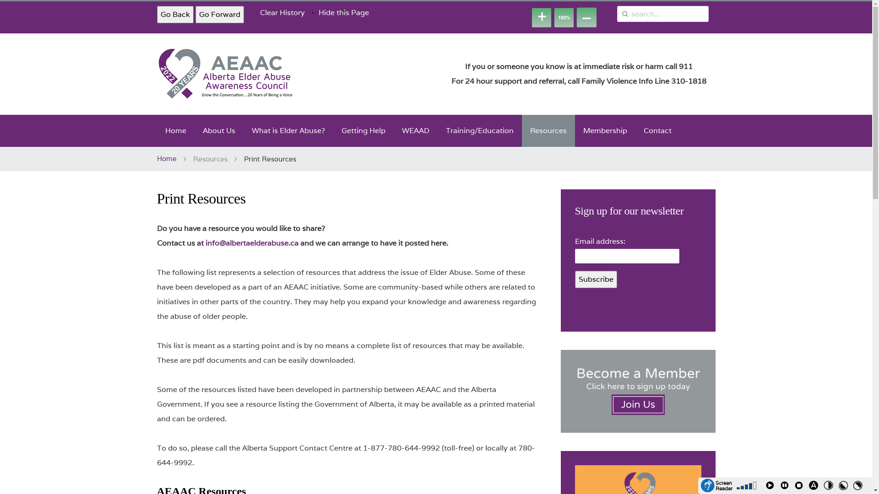 Image resolution: width=879 pixels, height=494 pixels. What do you see at coordinates (218, 130) in the screenshot?
I see `'About Us'` at bounding box center [218, 130].